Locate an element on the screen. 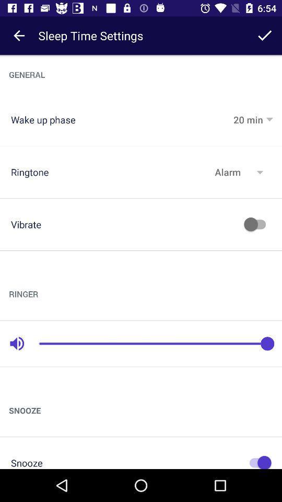  on button is located at coordinates (257, 461).